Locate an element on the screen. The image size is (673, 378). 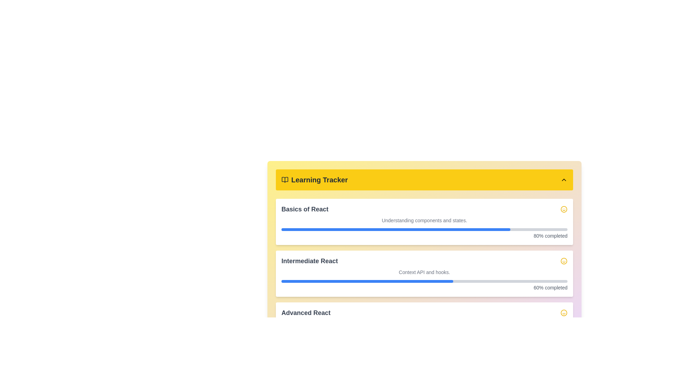
the yellow smiley icon with a cheerful expression located at the right end of the 'Basics of React' section is located at coordinates (564, 209).